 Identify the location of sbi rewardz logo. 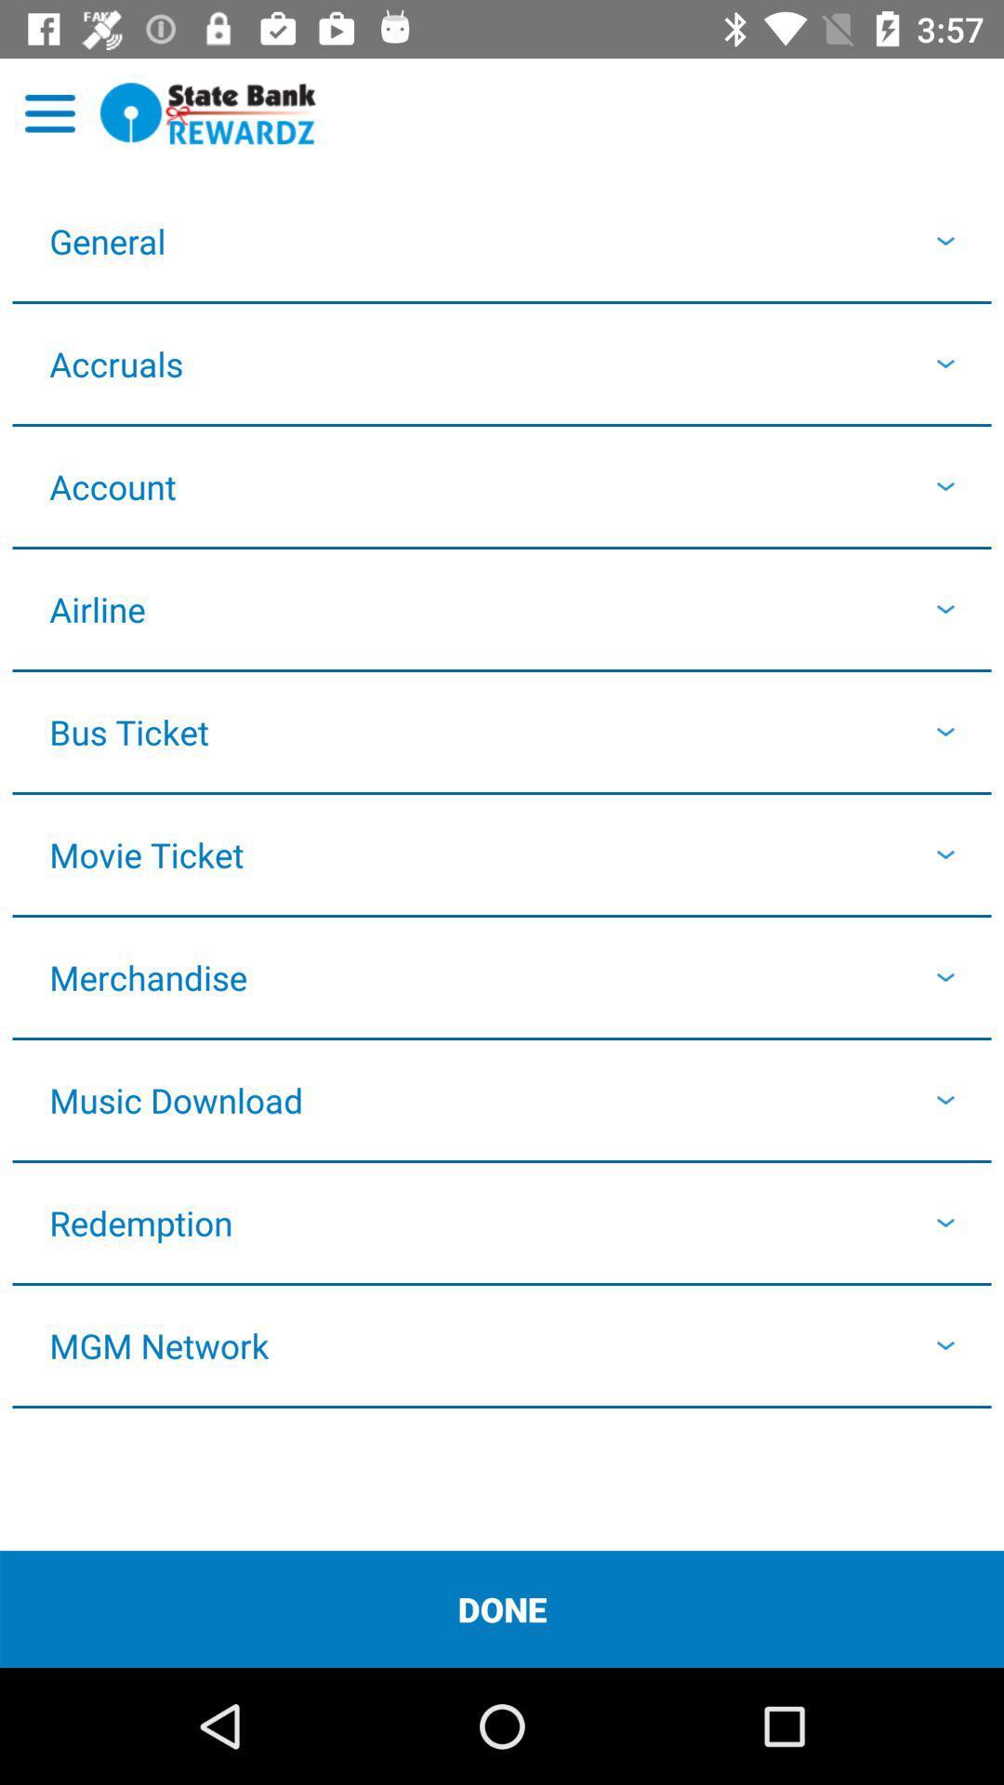
(208, 112).